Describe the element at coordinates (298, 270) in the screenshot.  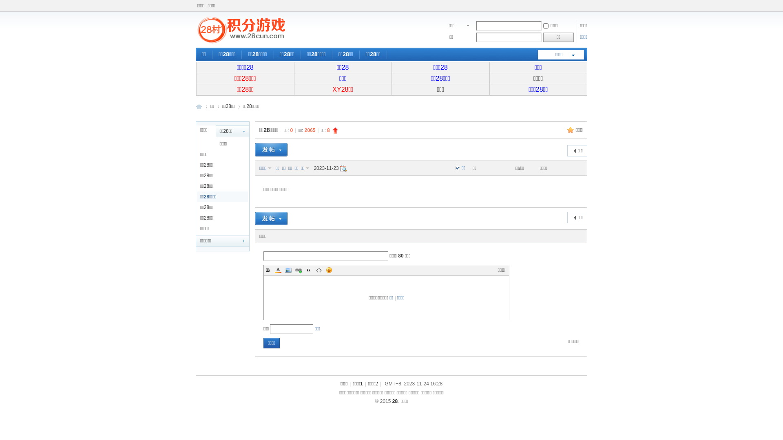
I see `'Link'` at that location.